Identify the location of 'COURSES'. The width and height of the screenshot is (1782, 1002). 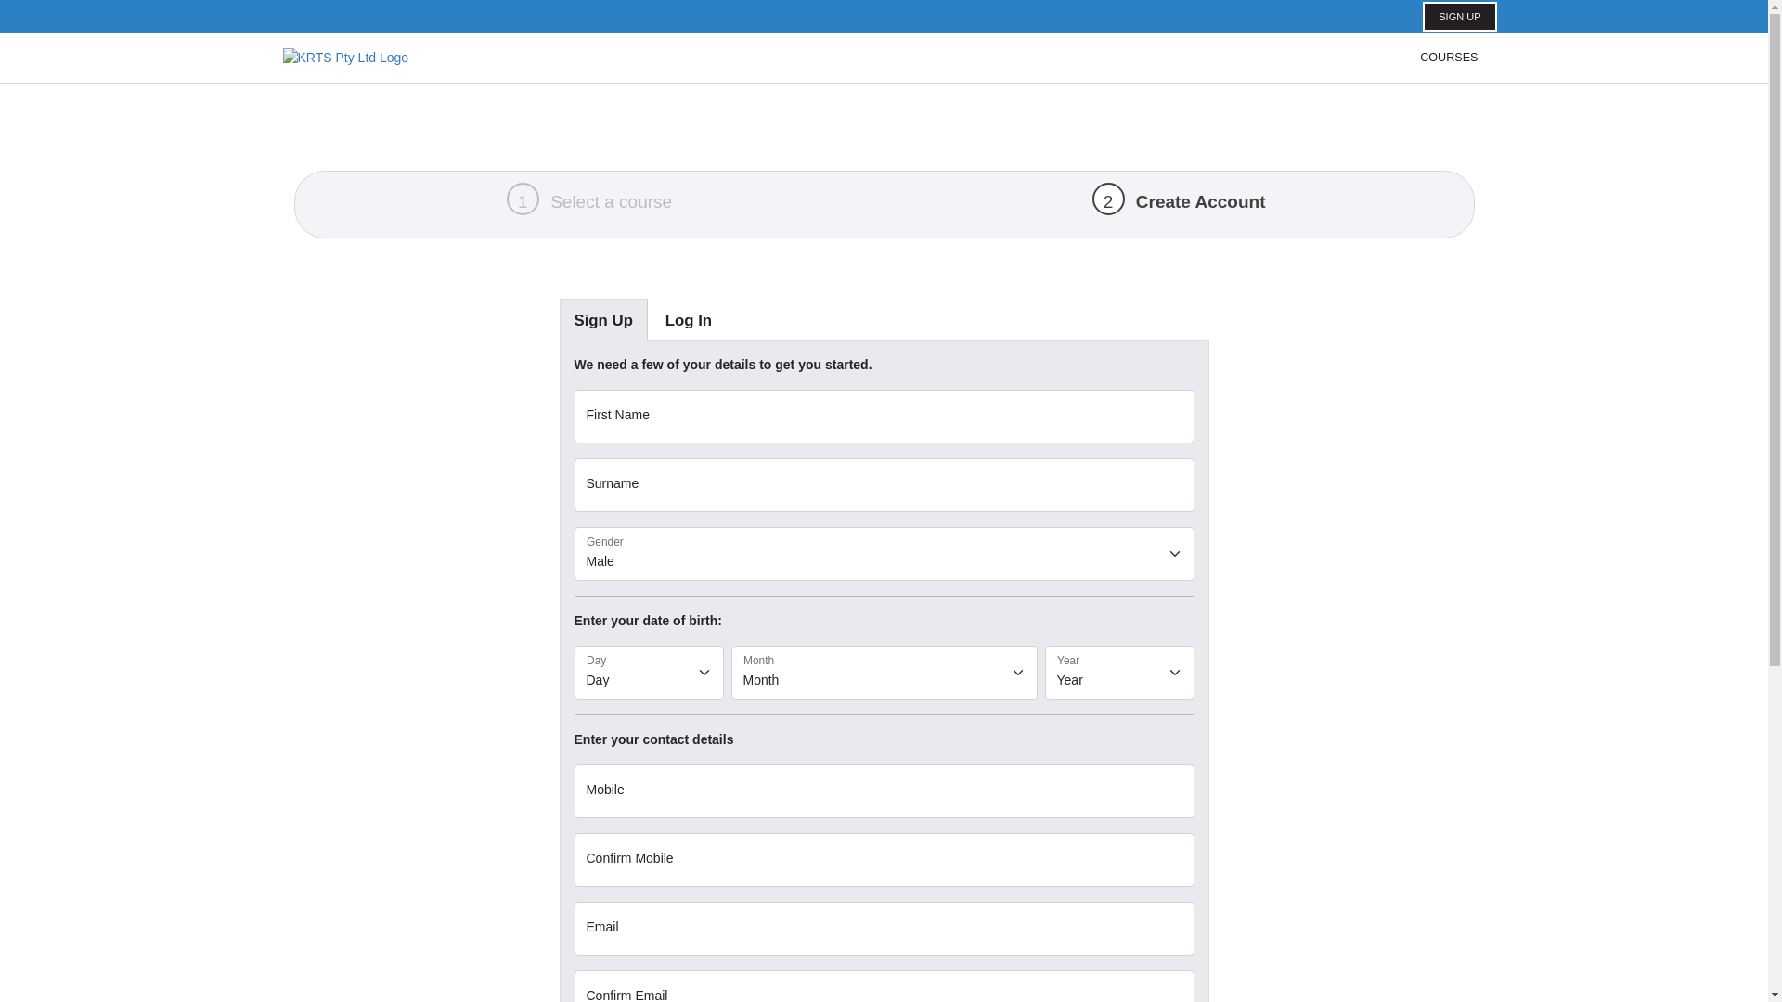
(1447, 57).